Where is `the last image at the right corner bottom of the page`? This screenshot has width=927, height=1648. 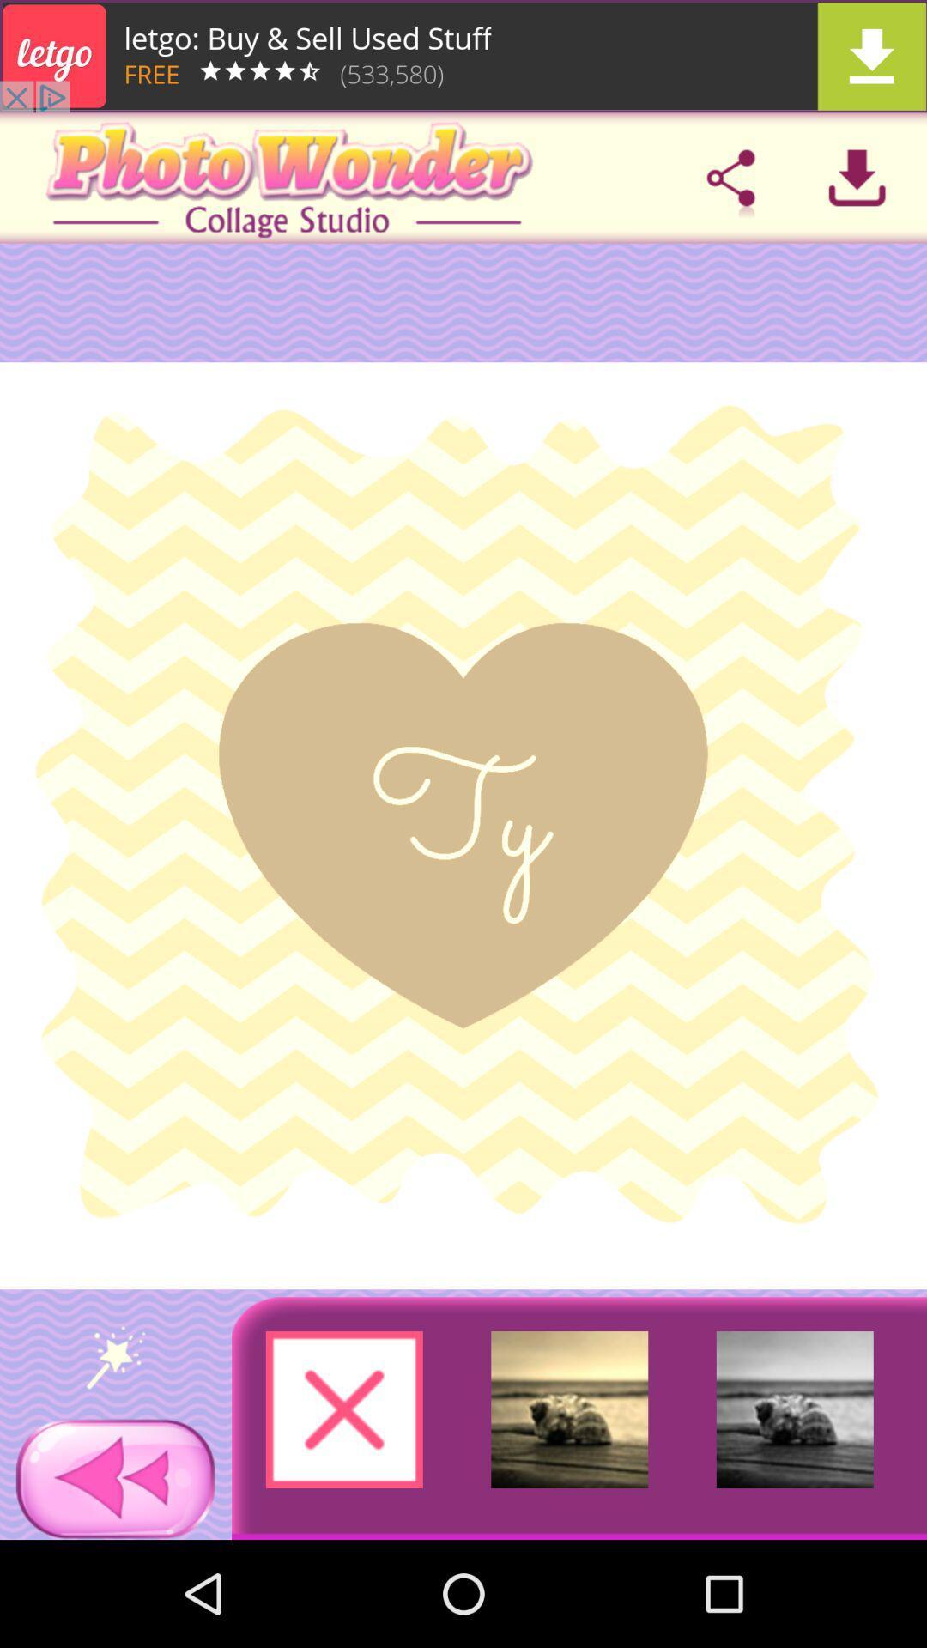
the last image at the right corner bottom of the page is located at coordinates (795, 1409).